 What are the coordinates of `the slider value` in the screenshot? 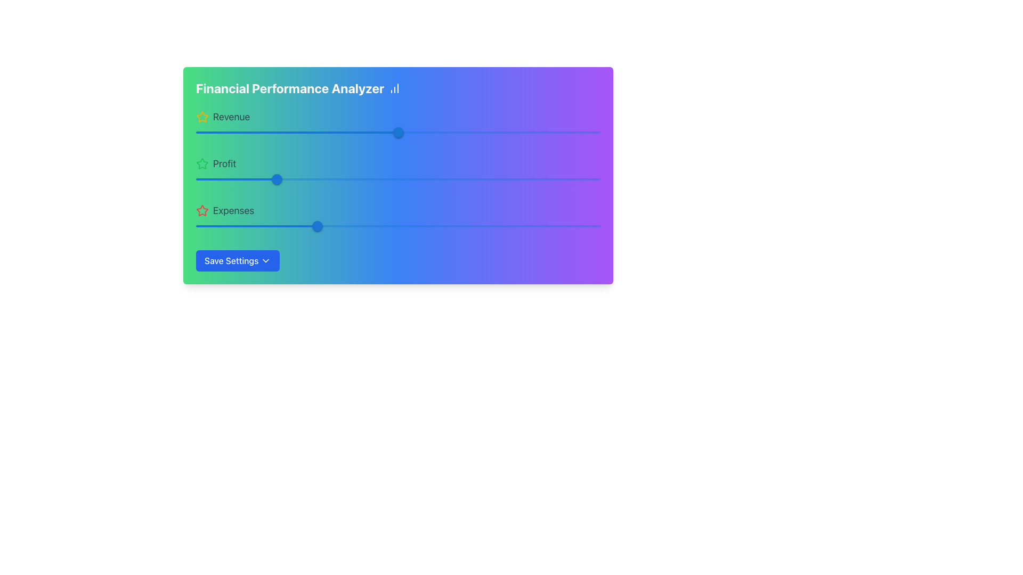 It's located at (399, 132).